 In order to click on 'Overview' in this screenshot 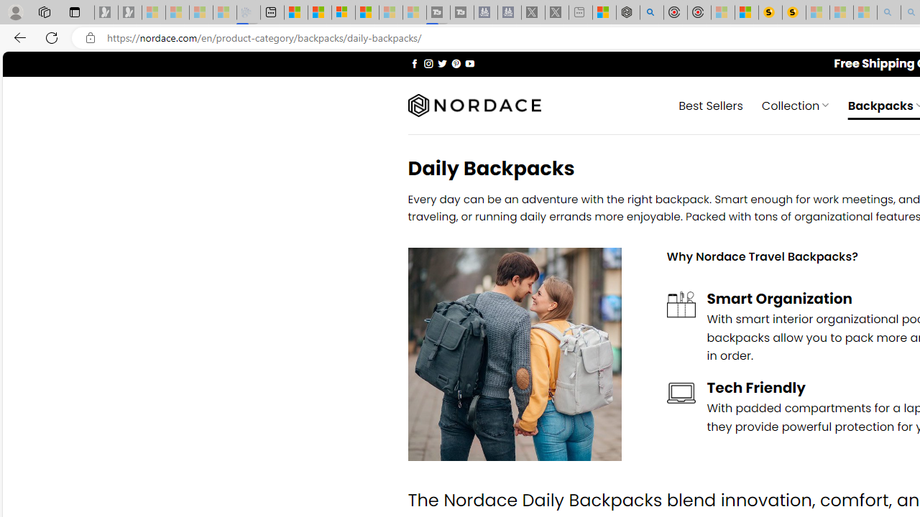, I will do `click(343, 12)`.